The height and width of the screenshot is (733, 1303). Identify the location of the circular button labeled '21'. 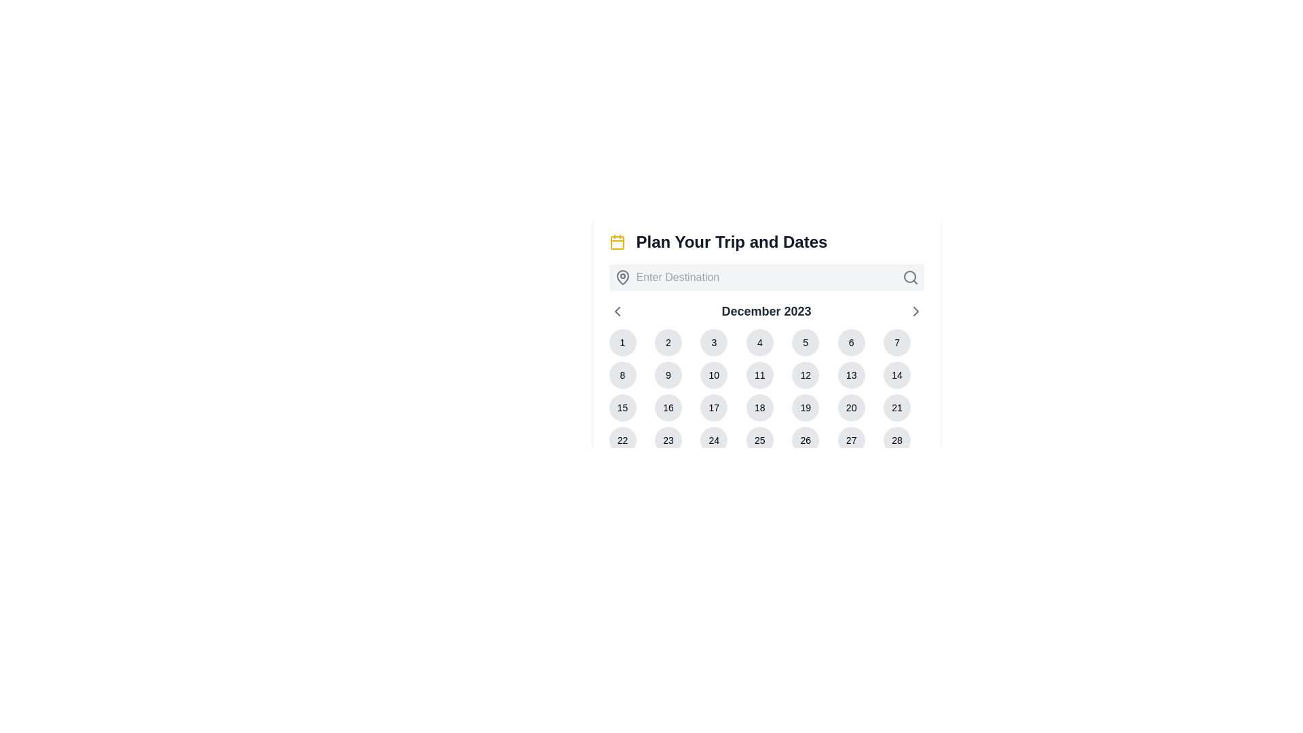
(897, 407).